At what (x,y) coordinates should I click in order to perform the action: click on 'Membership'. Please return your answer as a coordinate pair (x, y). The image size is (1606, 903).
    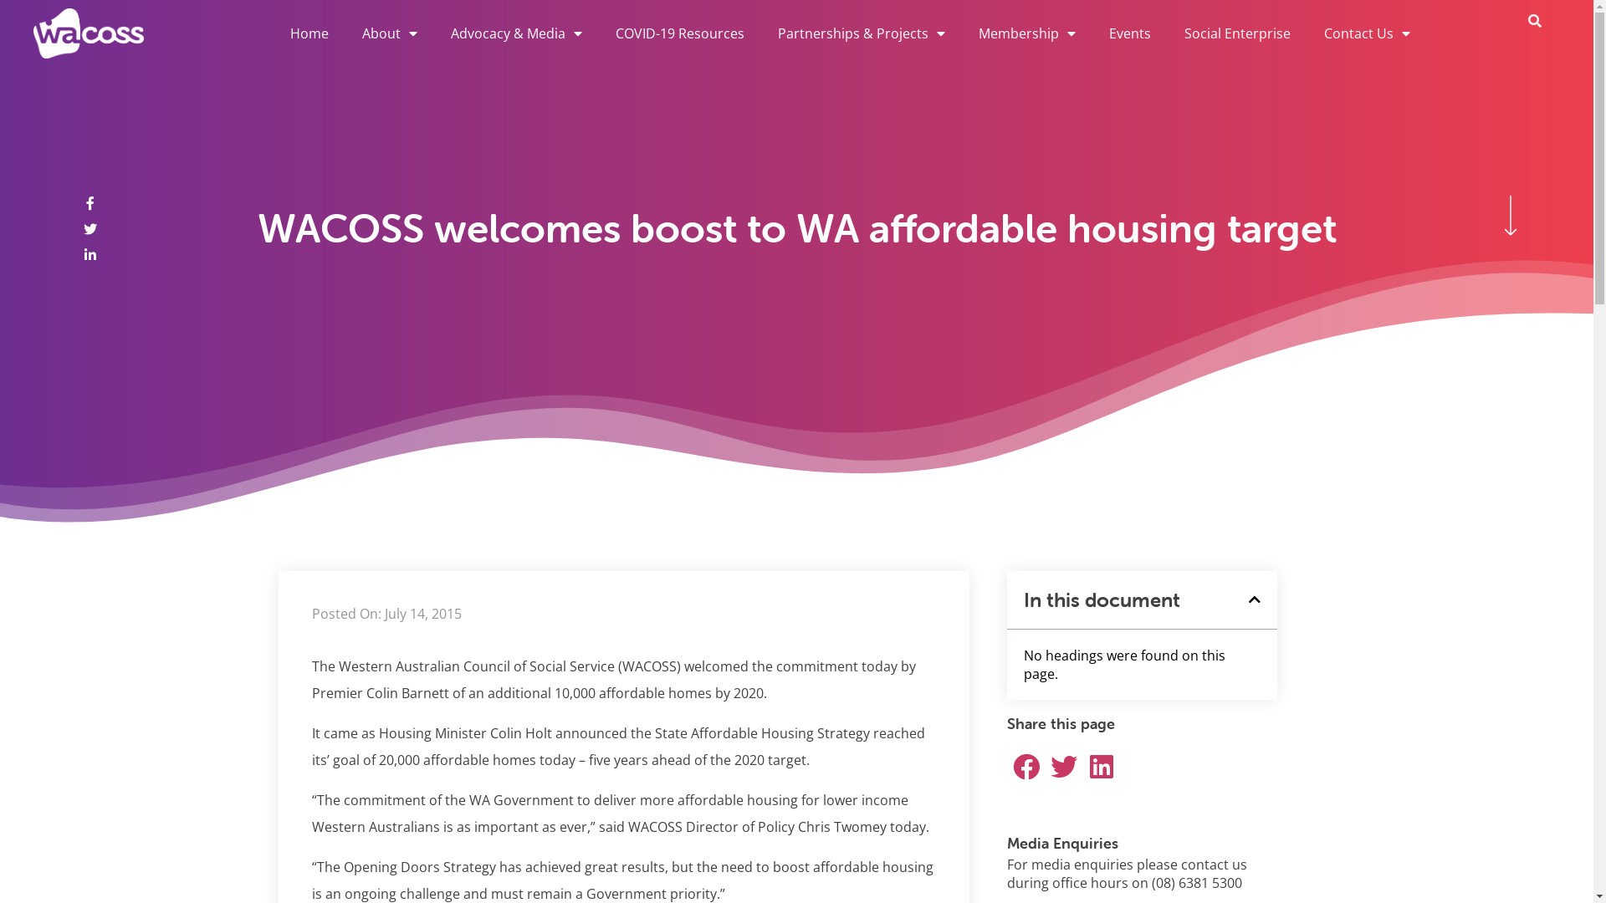
    Looking at the image, I should click on (1026, 33).